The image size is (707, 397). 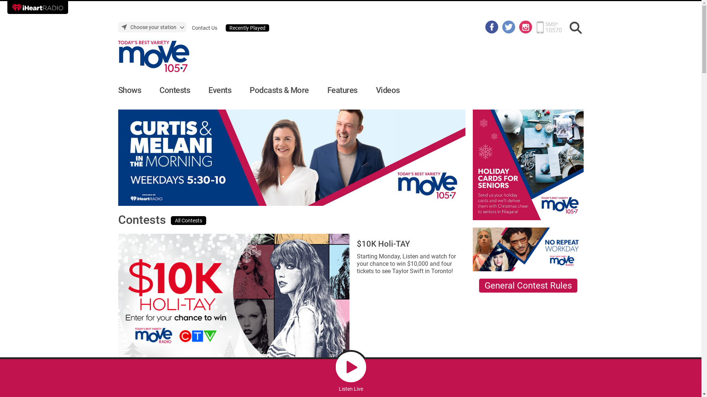 I want to click on 'General Contest Rules', so click(x=527, y=285).